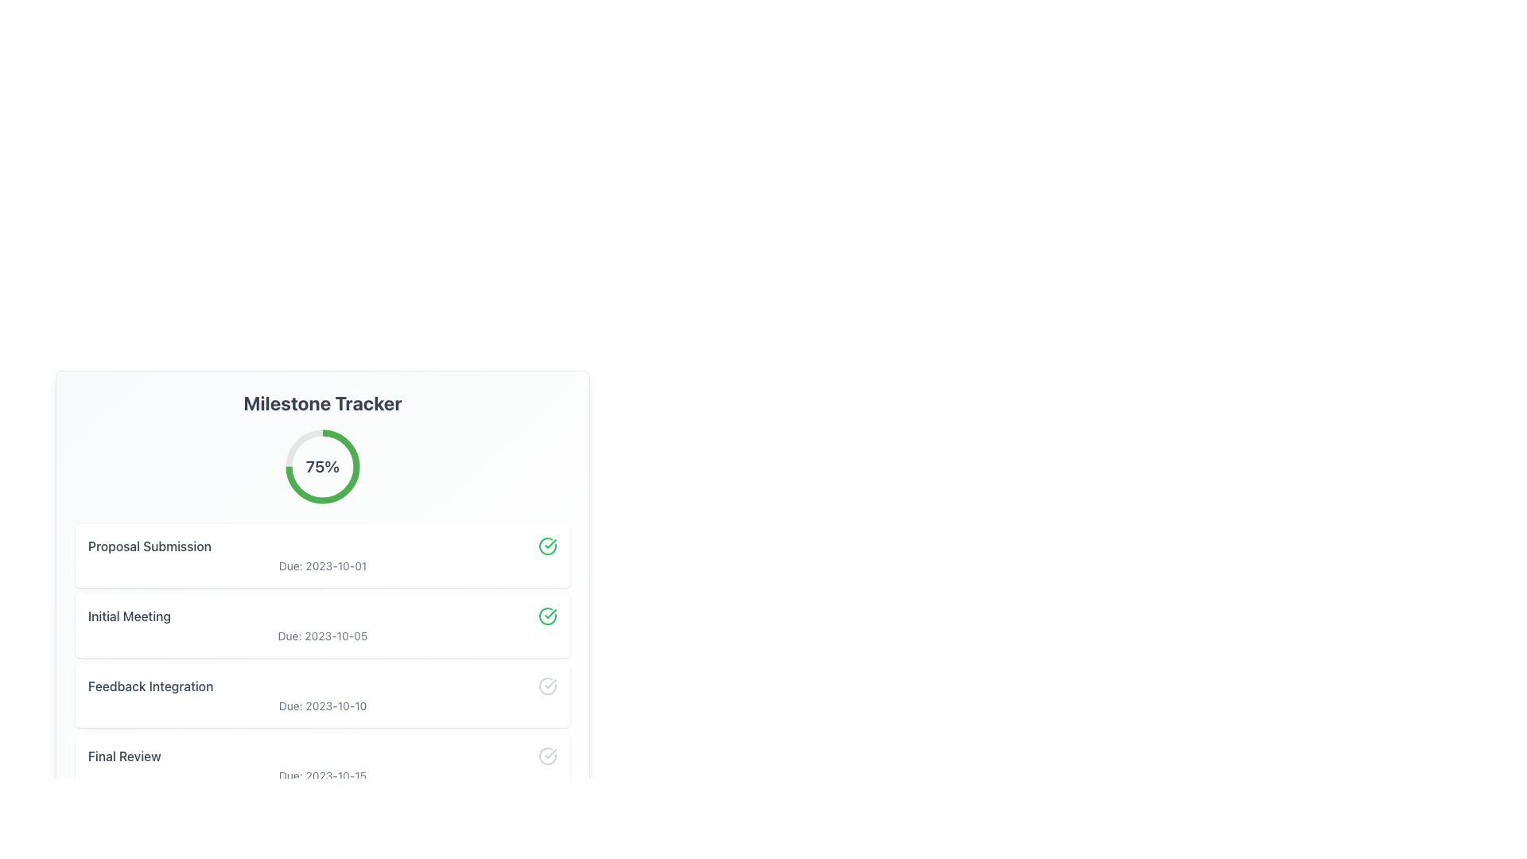 The image size is (1527, 859). I want to click on the 'Feedback Integration' list item in the 'Milestone Tracker' section, which is the third block in a vertical list of four items, so click(322, 695).